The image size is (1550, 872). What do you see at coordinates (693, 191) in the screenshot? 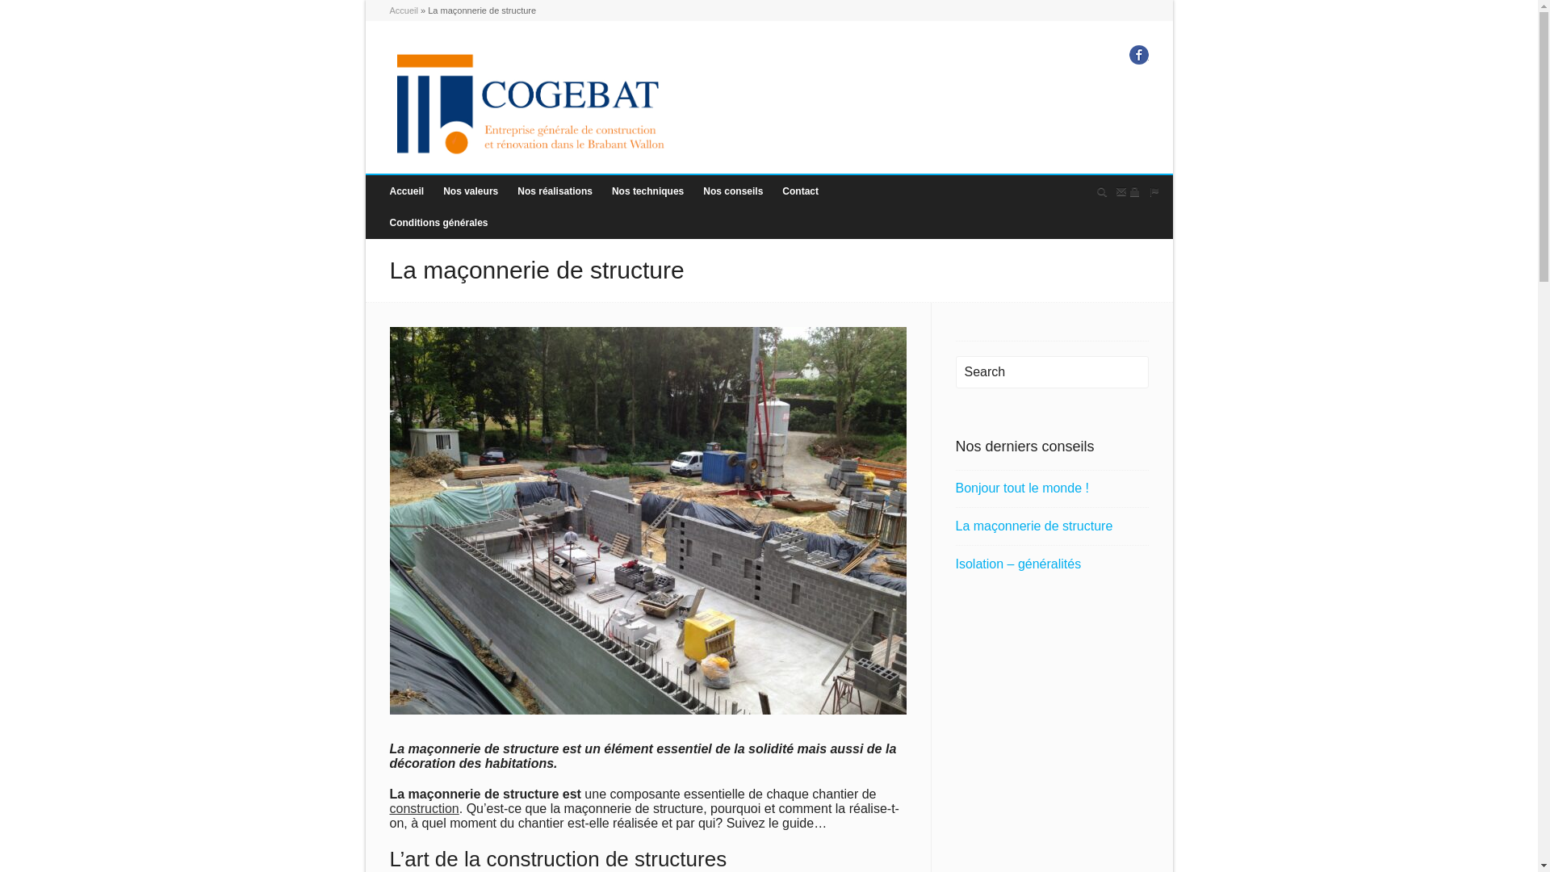
I see `'Nos conseils'` at bounding box center [693, 191].